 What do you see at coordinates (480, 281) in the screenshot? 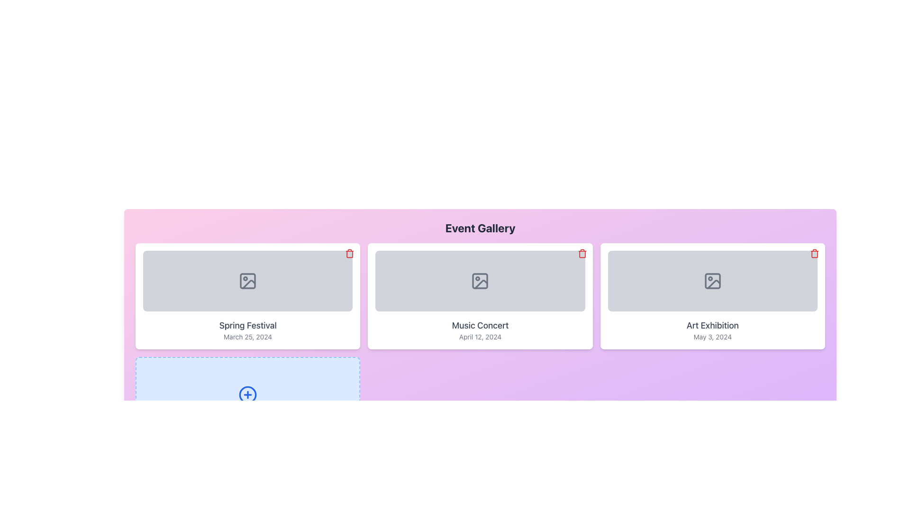
I see `the icon resembling a picture frame with a circular detail on the top-left corner, located in the middle card of the three-card layout in the 'Event Gallery' section, above the text 'Music Concert'` at bounding box center [480, 281].